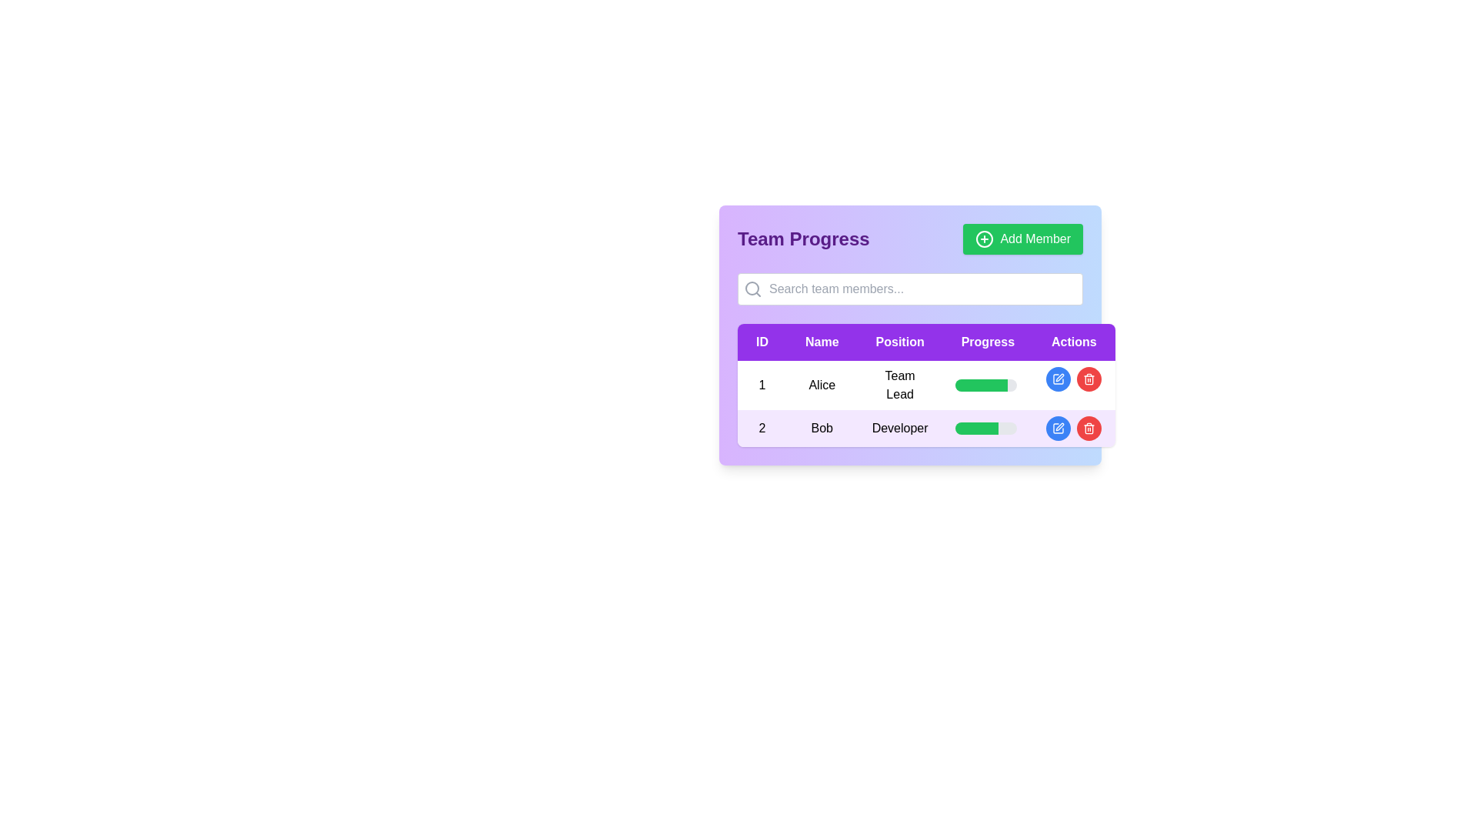  I want to click on the pencil icon button located in the 'Actions' column of the second row for 'Bob' to initiate the edit process, so click(1059, 377).